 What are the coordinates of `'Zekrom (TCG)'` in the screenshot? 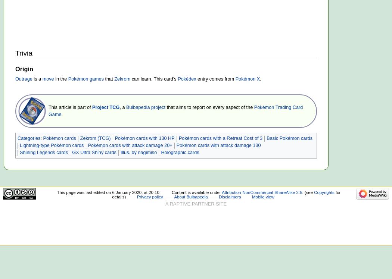 It's located at (79, 138).